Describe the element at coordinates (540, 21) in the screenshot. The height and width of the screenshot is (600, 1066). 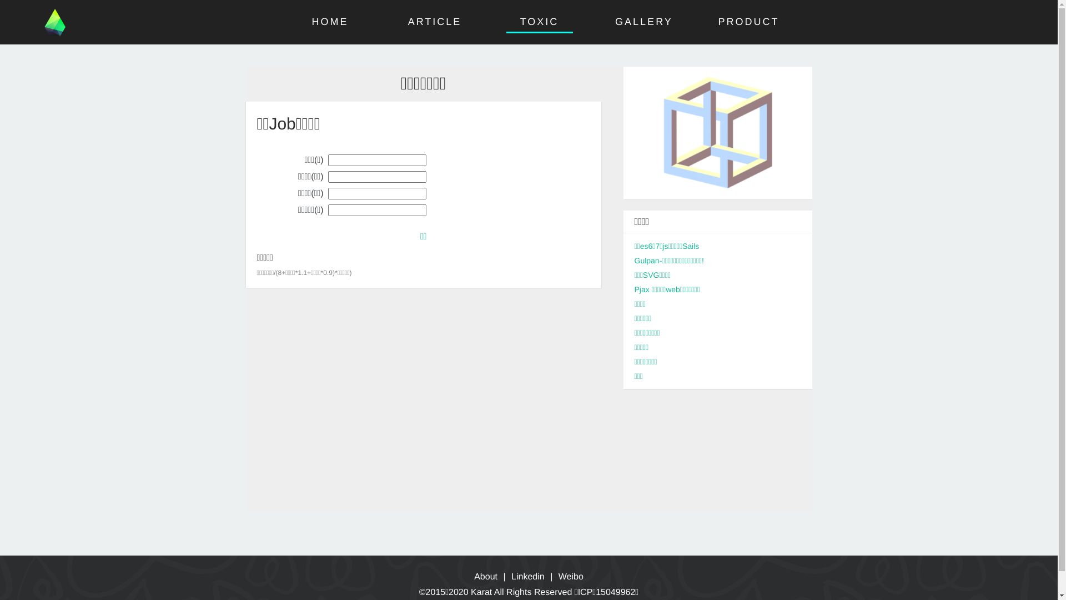
I see `'TOXIC'` at that location.